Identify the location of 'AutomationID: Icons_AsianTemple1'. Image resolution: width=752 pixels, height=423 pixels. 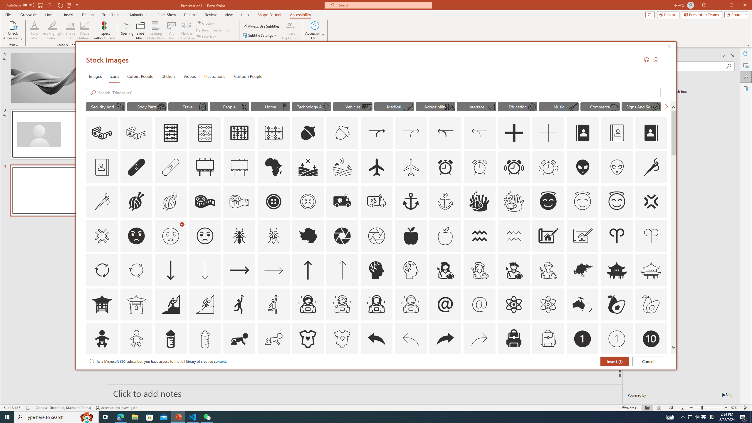
(102, 304).